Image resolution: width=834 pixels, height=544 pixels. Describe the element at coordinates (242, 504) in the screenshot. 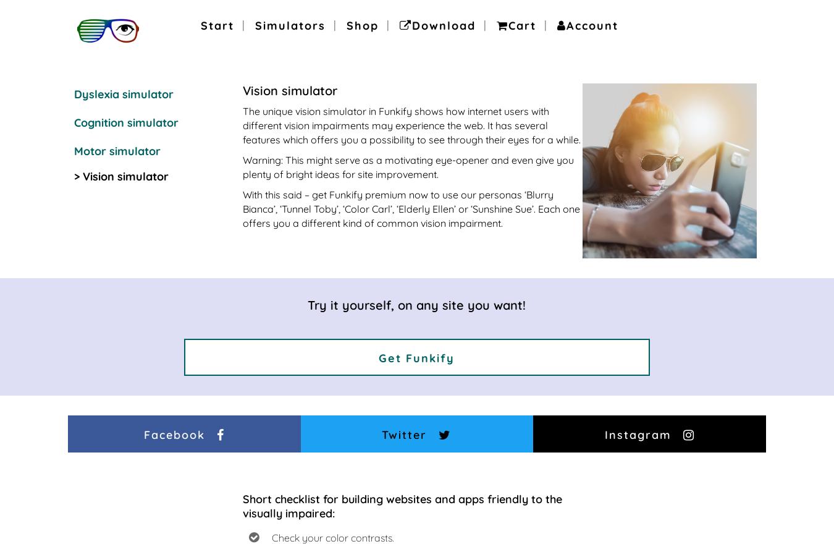

I see `'Short checklist for building websites and apps friendly to the visually impaired:'` at that location.